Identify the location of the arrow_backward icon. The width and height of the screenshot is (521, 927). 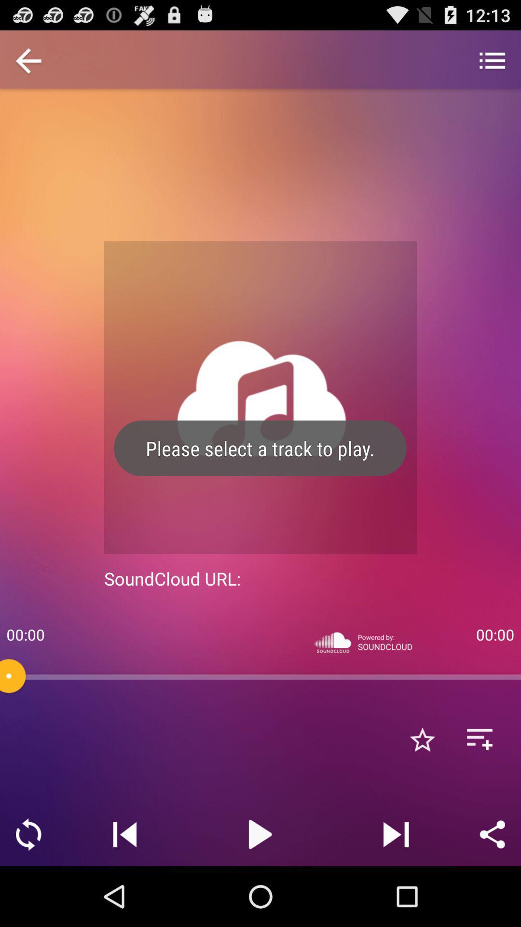
(28, 66).